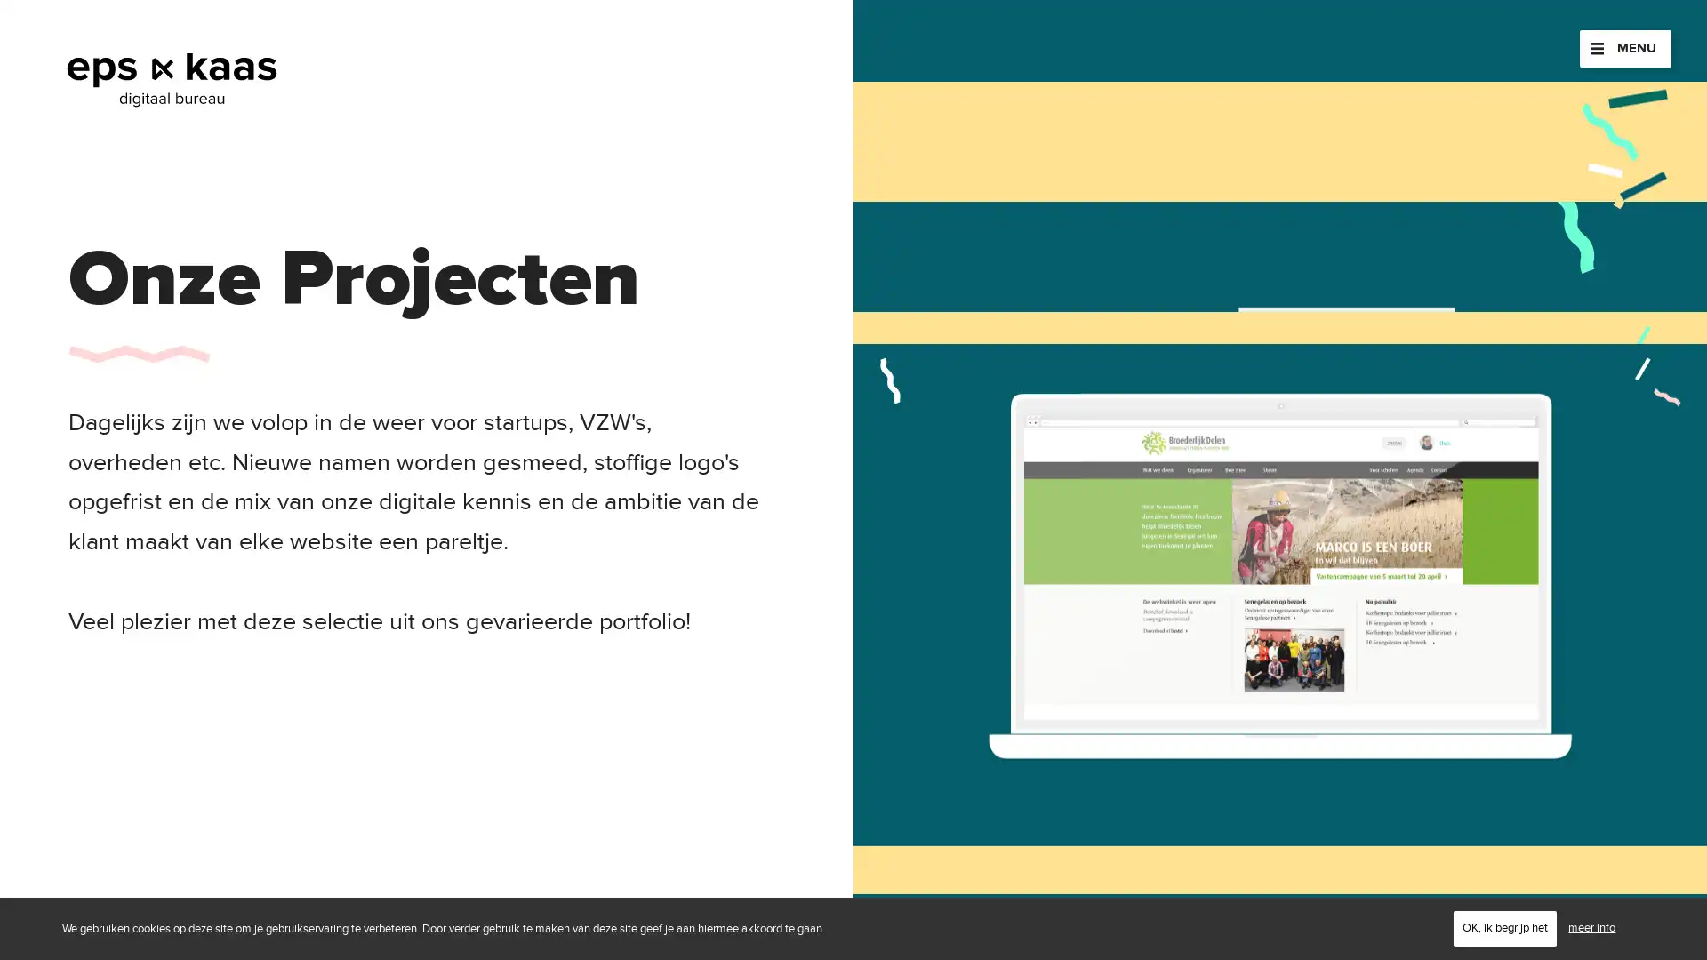  What do you see at coordinates (1504, 927) in the screenshot?
I see `OK, ik begrijp het` at bounding box center [1504, 927].